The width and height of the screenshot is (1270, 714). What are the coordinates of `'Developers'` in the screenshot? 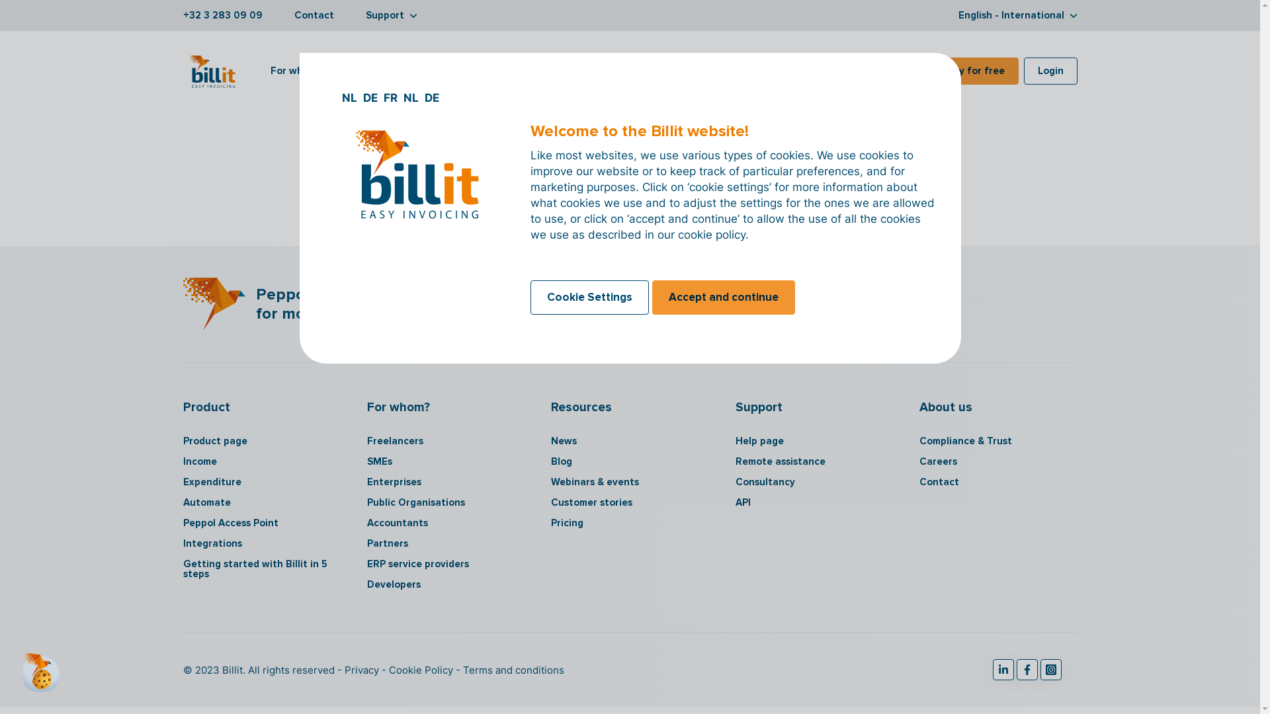 It's located at (367, 584).